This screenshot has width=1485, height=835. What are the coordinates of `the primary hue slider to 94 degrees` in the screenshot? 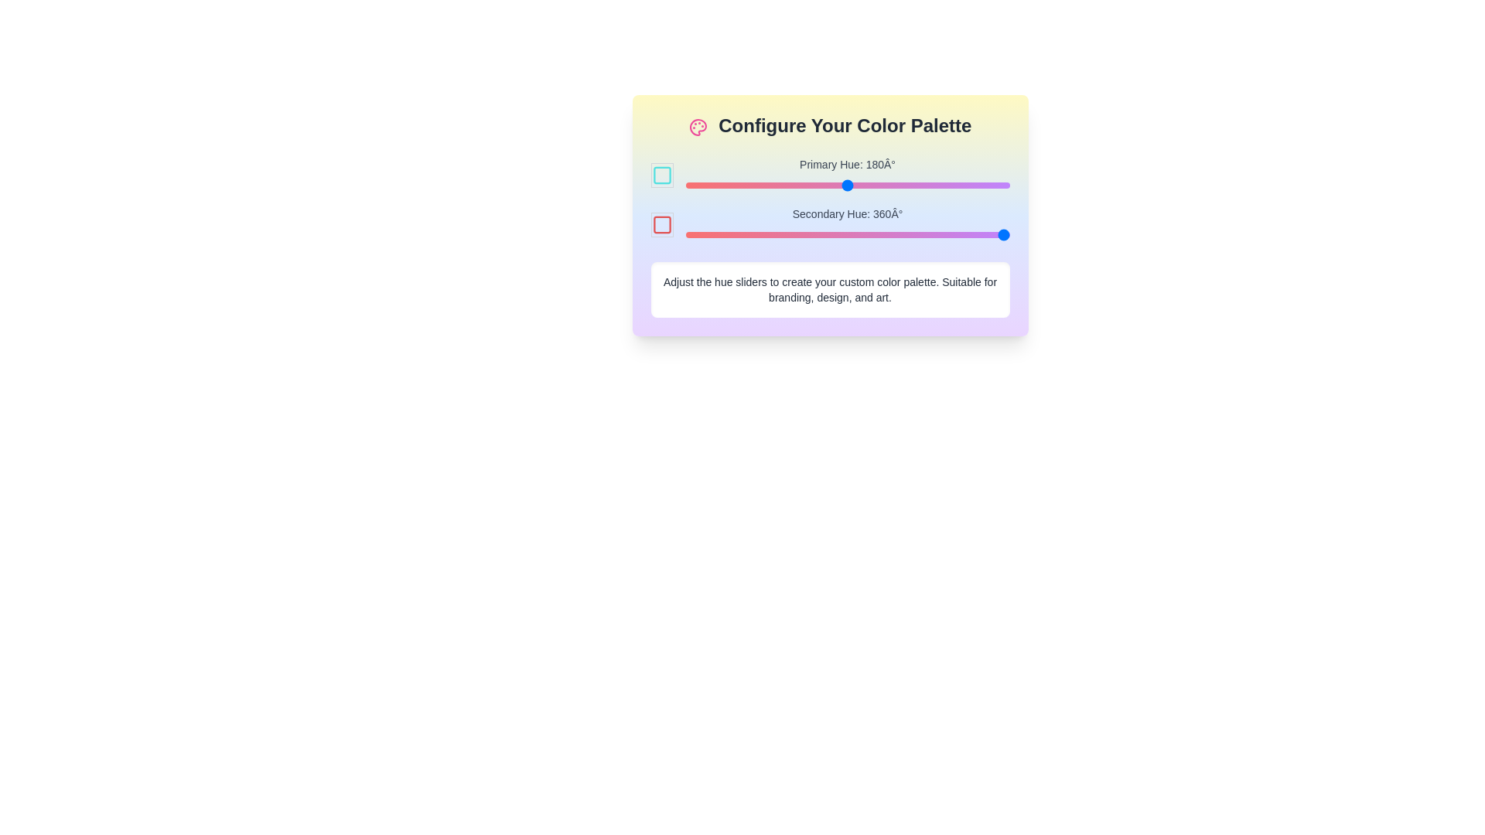 It's located at (770, 184).